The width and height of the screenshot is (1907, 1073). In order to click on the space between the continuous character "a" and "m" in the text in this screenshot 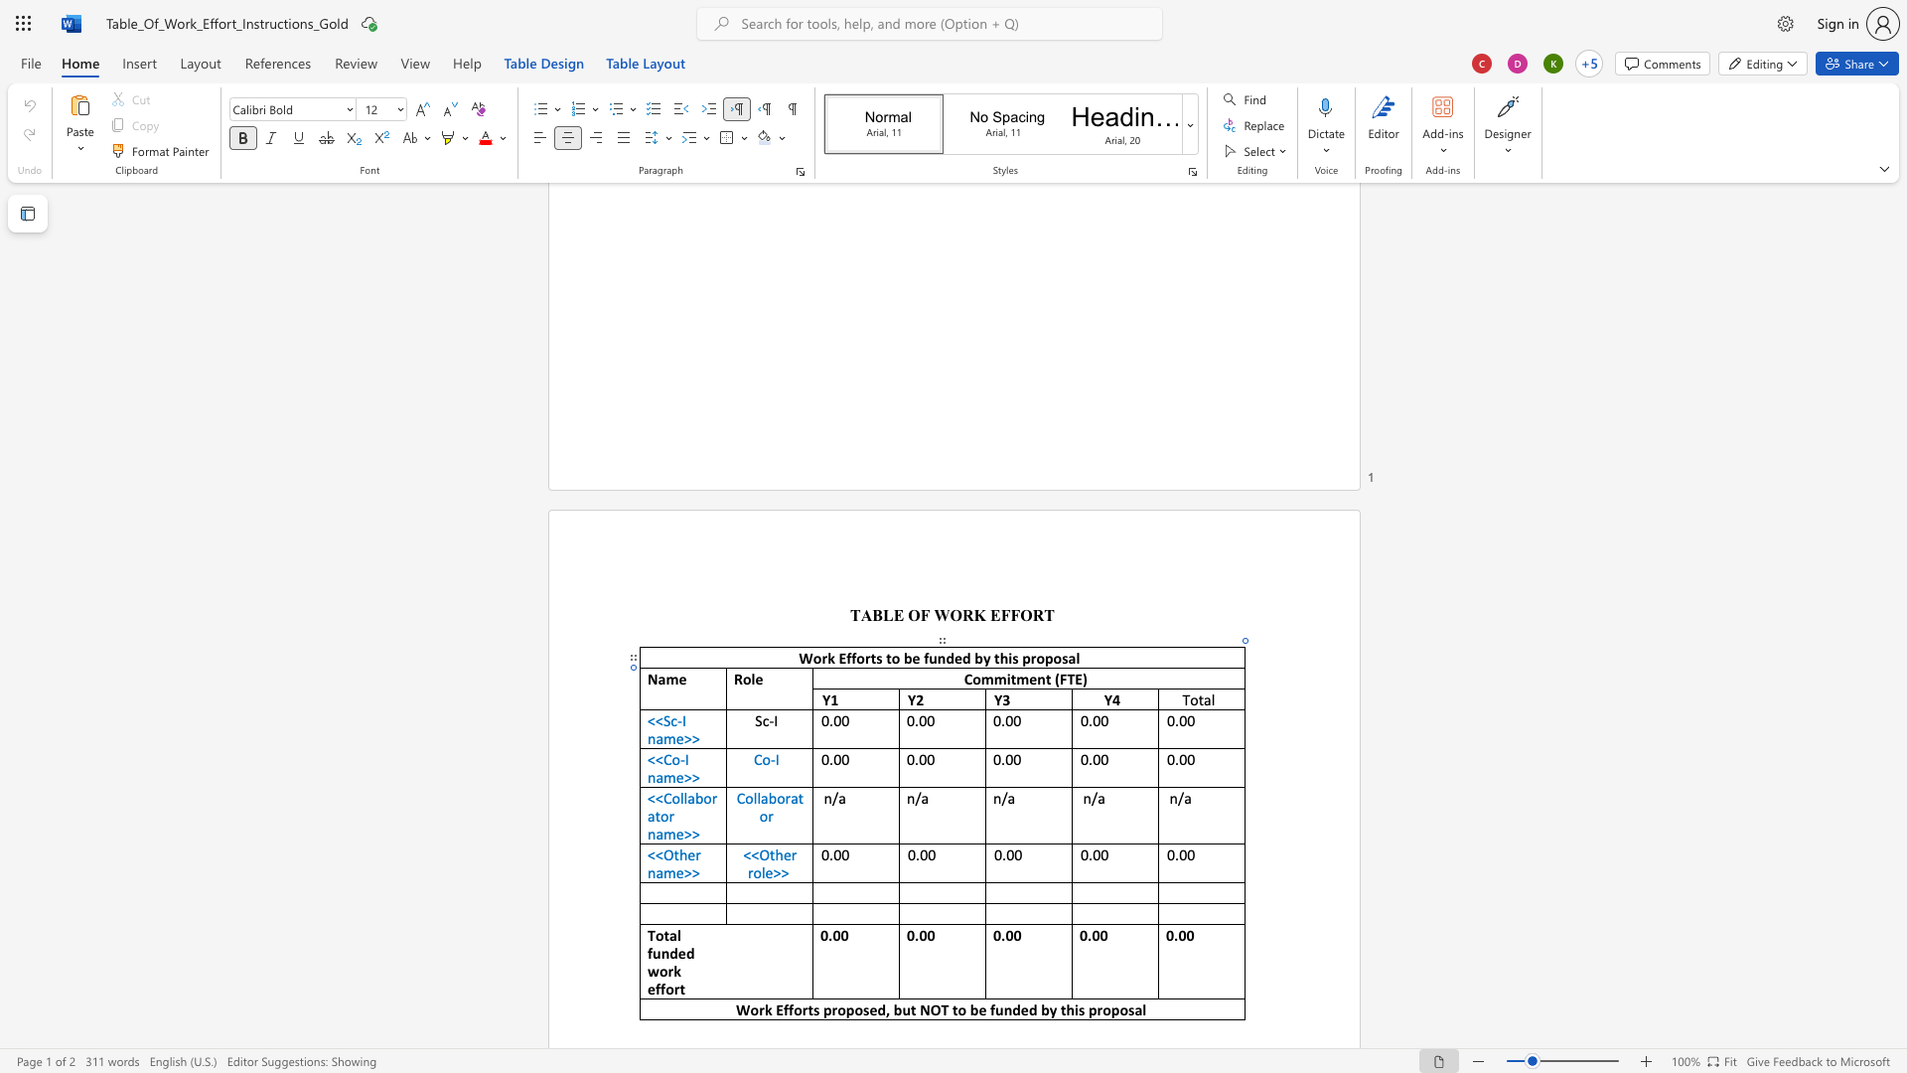, I will do `click(664, 738)`.